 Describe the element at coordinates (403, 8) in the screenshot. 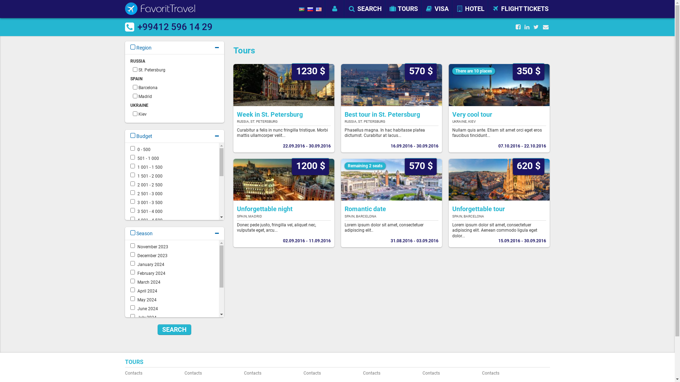

I see `'TOURS'` at that location.